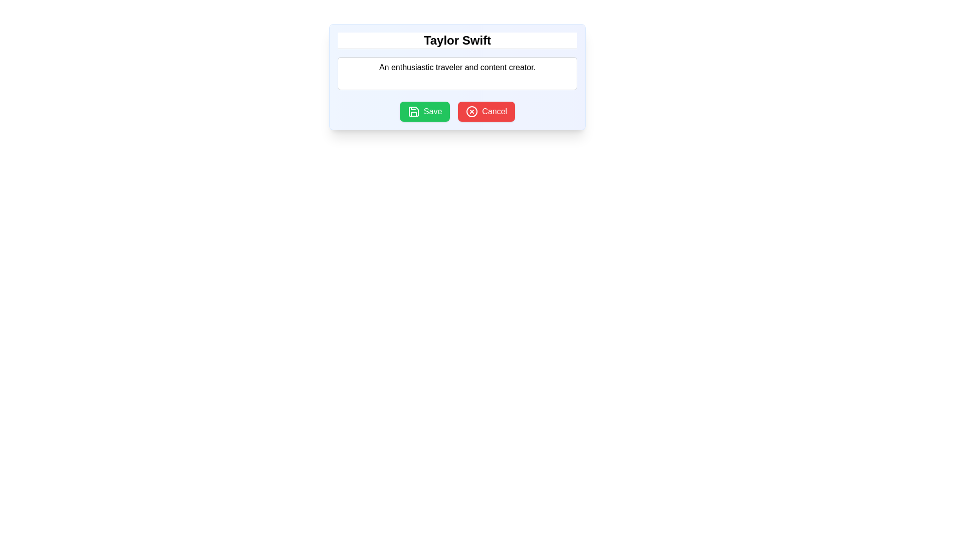  Describe the element at coordinates (425, 112) in the screenshot. I see `the 'Save' button, which is the first button in the horizontally aligned group positioned below the descriptive text box` at that location.